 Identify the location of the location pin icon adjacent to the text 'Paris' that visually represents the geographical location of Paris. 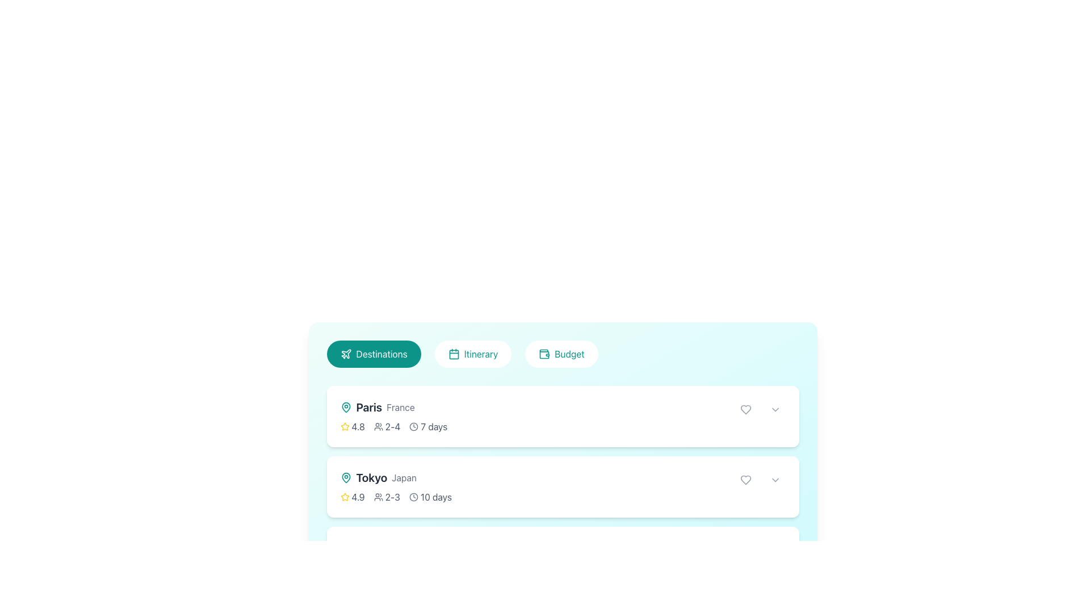
(345, 406).